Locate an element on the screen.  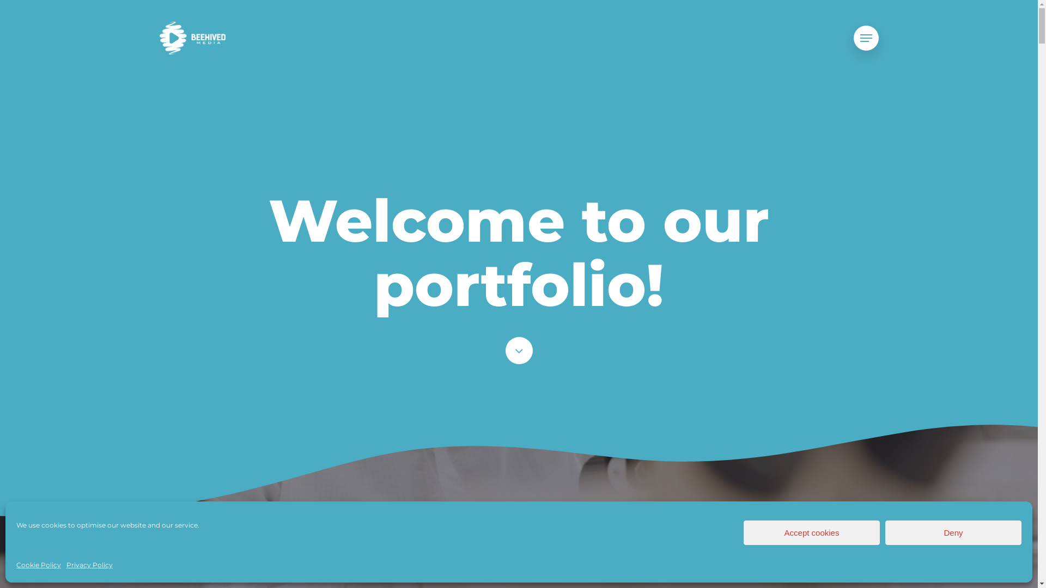
'Deny' is located at coordinates (953, 532).